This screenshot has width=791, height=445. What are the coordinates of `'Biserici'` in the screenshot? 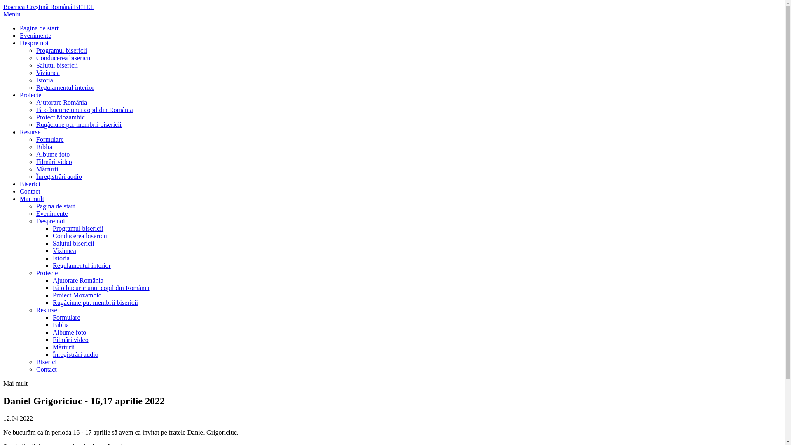 It's located at (30, 183).